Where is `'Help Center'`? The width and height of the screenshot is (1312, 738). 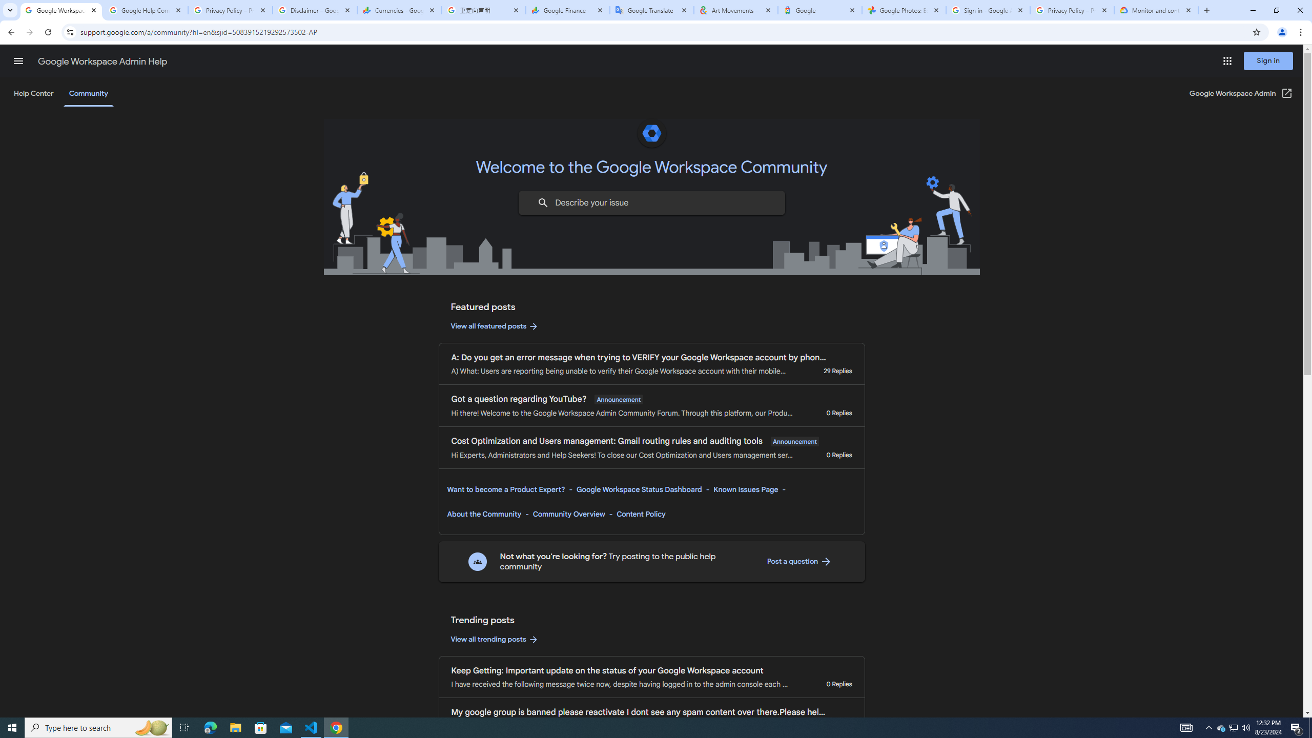
'Help Center' is located at coordinates (33, 93).